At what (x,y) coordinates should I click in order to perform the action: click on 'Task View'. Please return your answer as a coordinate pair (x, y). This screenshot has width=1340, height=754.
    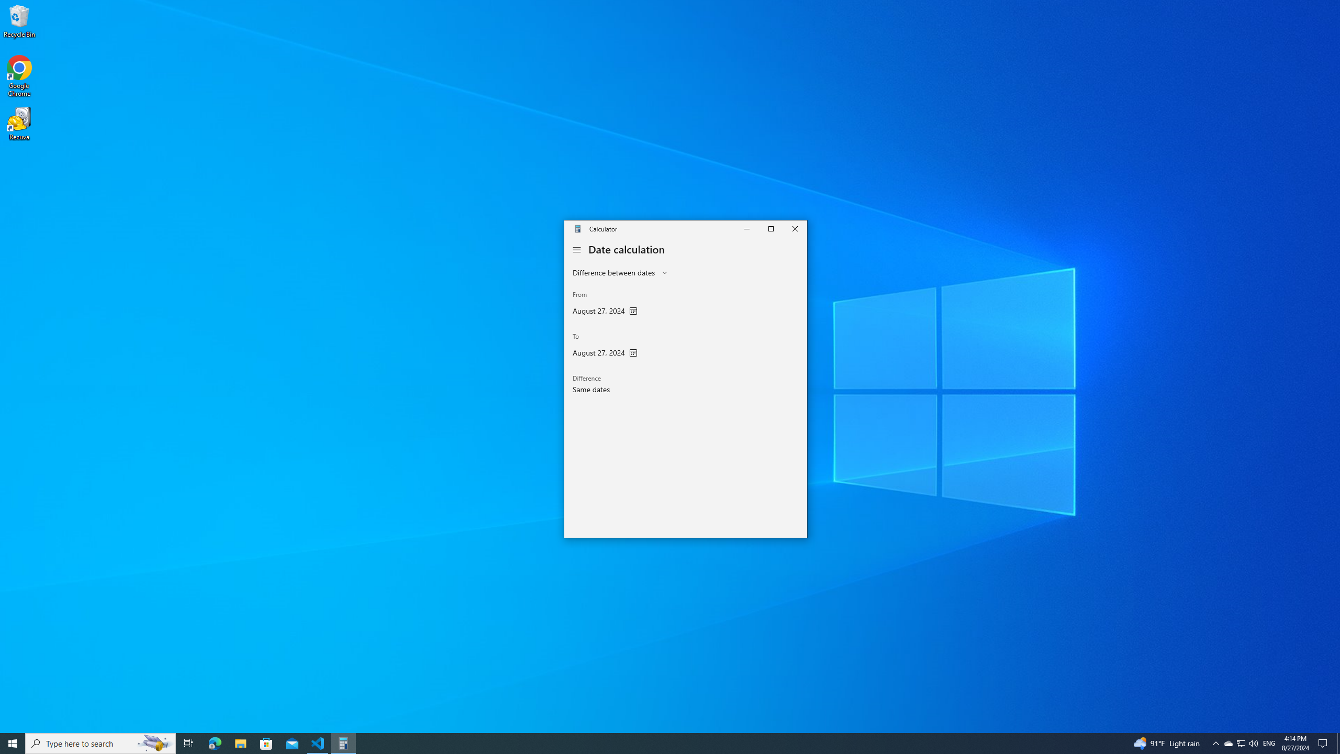
    Looking at the image, I should click on (187, 742).